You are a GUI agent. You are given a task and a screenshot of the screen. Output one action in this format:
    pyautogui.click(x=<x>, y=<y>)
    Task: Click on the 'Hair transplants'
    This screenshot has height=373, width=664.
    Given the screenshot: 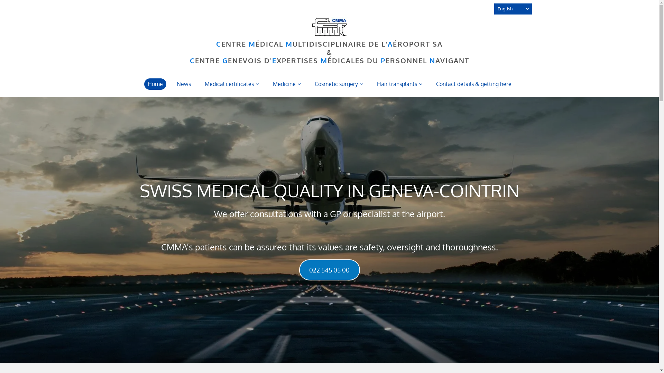 What is the action you would take?
    pyautogui.click(x=399, y=84)
    